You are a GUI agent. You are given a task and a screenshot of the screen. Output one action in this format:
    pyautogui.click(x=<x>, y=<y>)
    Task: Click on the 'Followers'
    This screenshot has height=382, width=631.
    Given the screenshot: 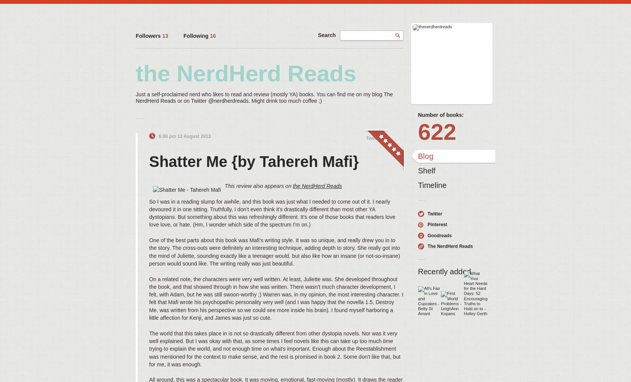 What is the action you would take?
    pyautogui.click(x=149, y=36)
    